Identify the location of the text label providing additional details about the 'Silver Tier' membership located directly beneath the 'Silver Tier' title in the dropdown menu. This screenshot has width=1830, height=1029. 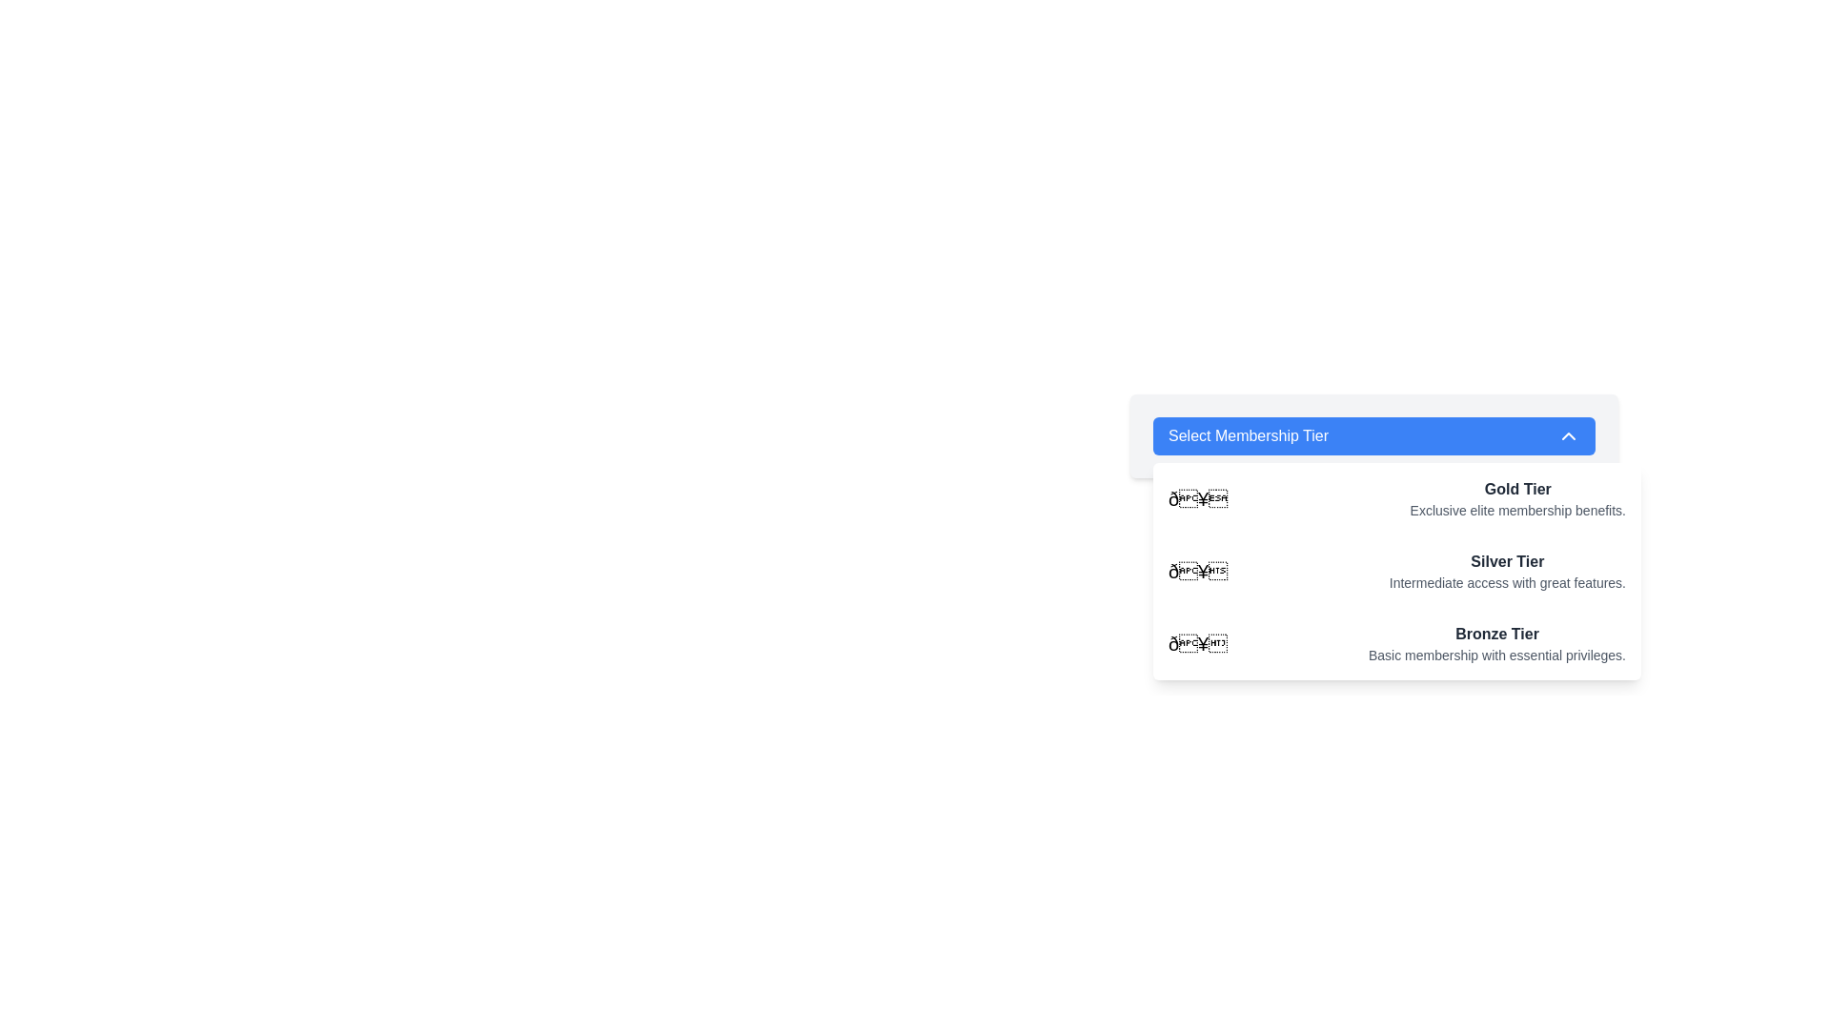
(1506, 582).